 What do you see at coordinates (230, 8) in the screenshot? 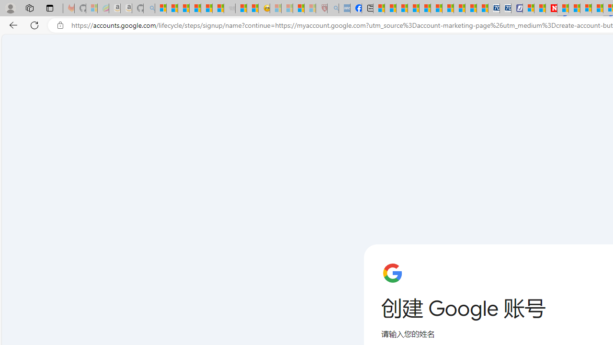
I see `'Combat Siege - Sleeping'` at bounding box center [230, 8].